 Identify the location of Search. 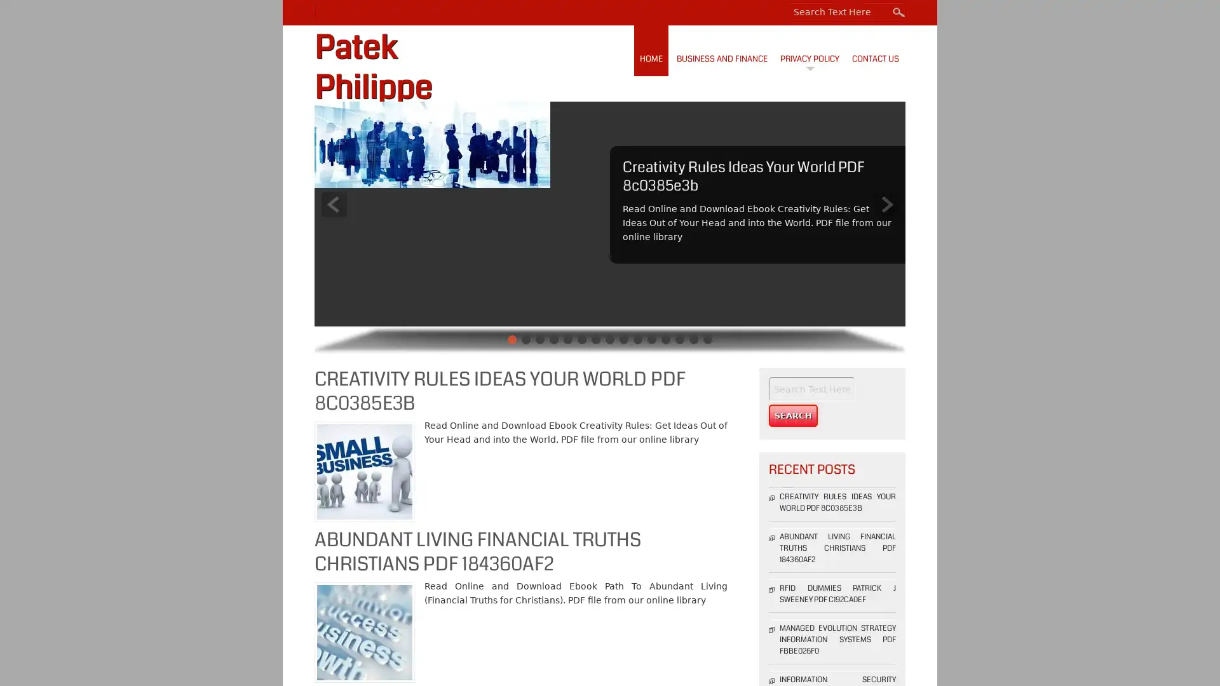
(792, 415).